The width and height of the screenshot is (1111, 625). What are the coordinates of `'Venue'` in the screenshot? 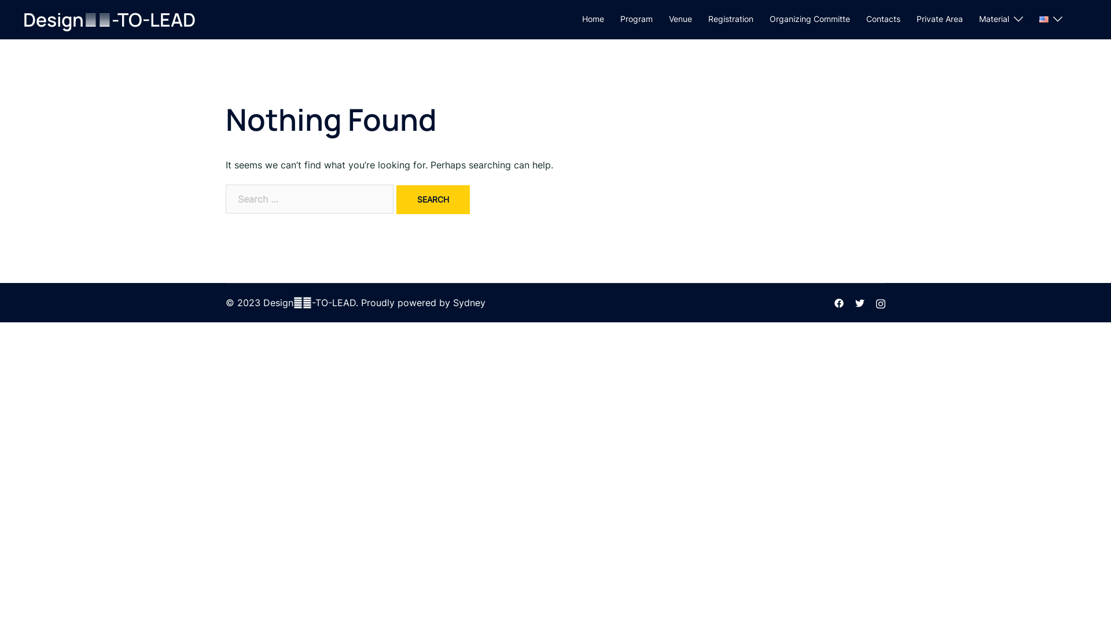 It's located at (669, 19).